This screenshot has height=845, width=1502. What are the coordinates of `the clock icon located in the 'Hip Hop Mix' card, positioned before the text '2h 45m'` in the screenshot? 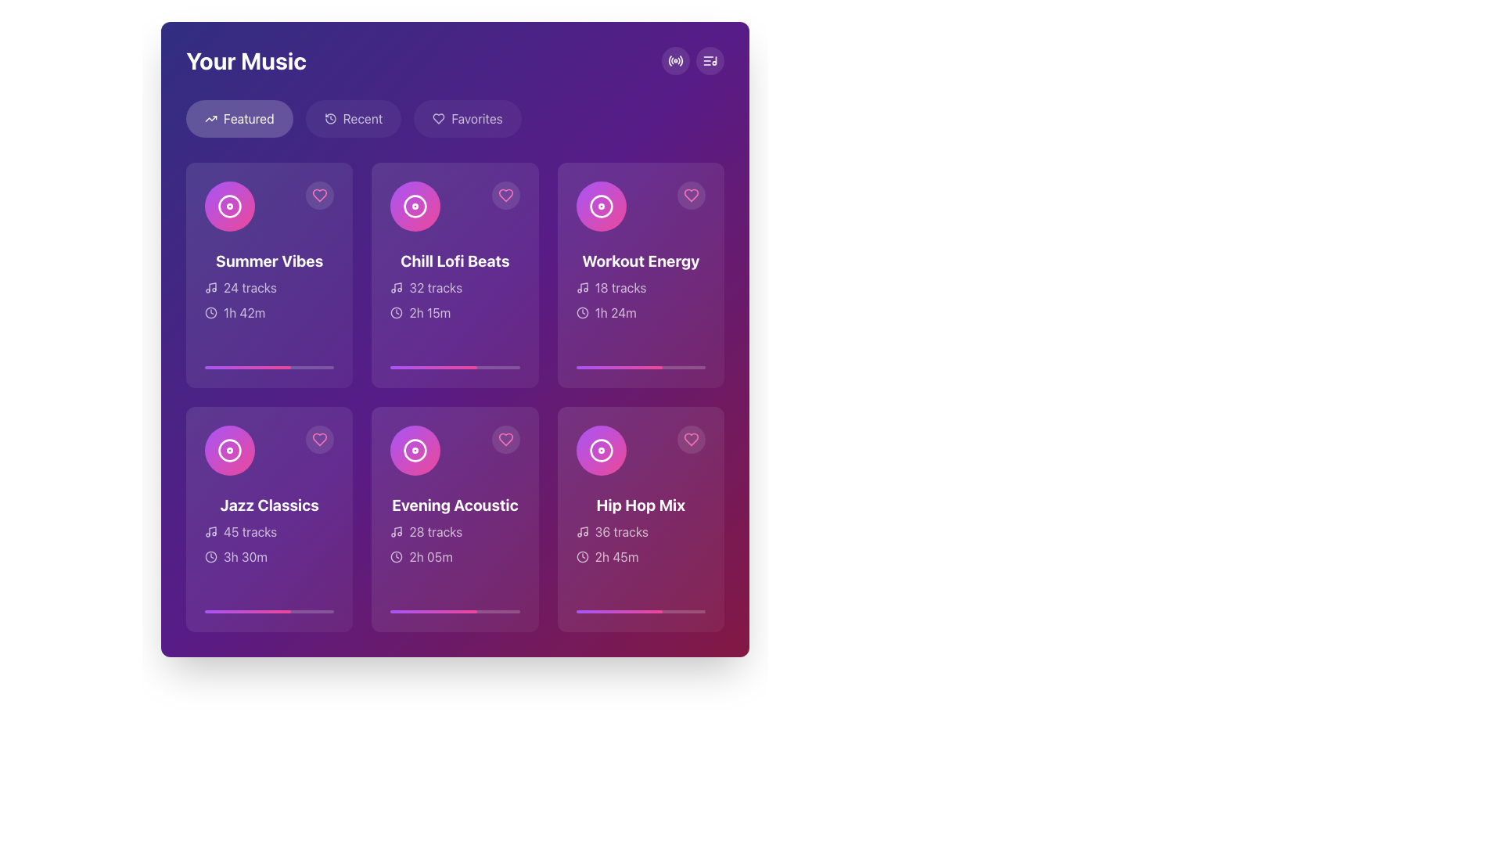 It's located at (581, 556).